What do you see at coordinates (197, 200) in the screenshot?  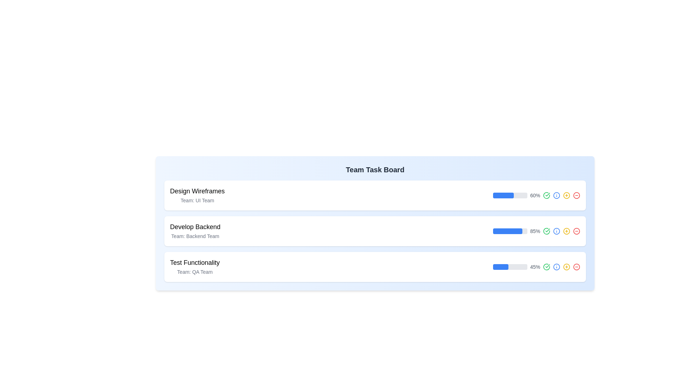 I see `the Text Label indicating the 'UI Team' associated with the task in the 'Design Wireframes' card` at bounding box center [197, 200].